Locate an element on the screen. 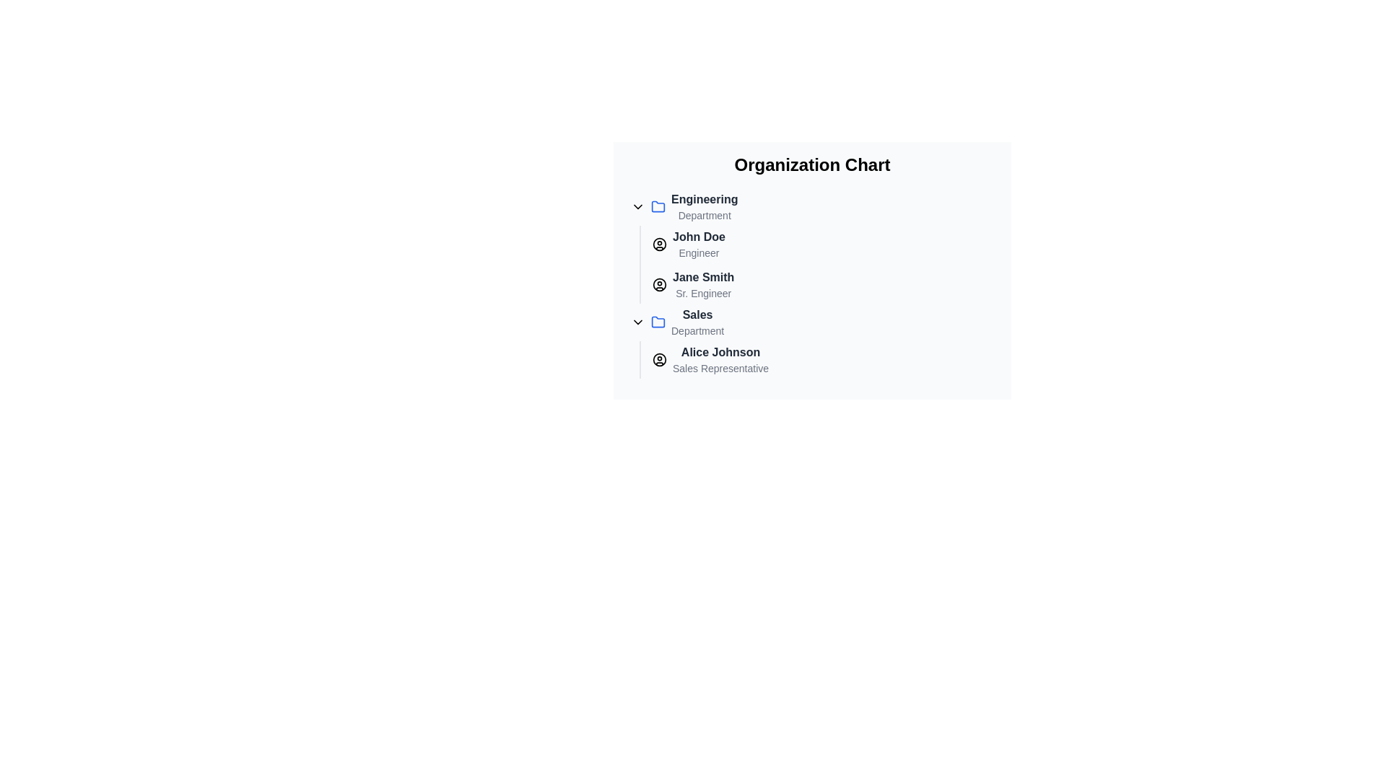 Image resolution: width=1386 pixels, height=779 pixels. the outermost circle element in the SVG profile icon next to 'John Doe' in the 'Engineering' section is located at coordinates (658, 244).